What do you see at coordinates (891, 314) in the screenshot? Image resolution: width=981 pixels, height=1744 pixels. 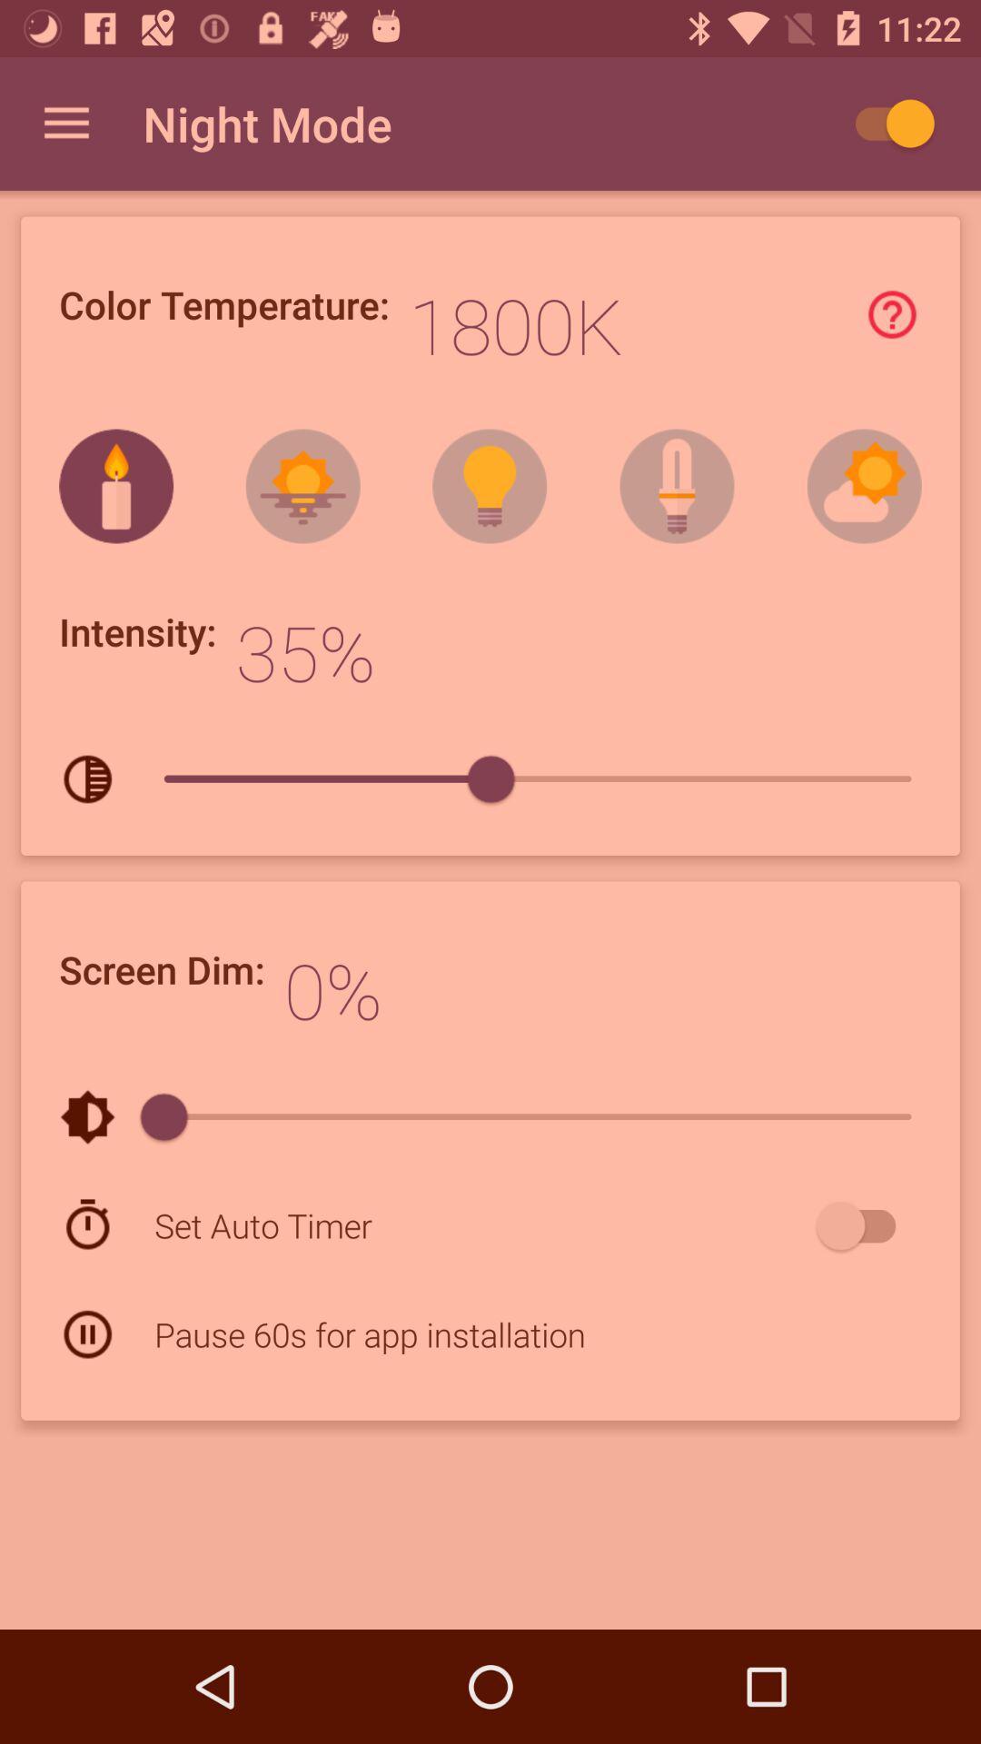 I see `find out more information` at bounding box center [891, 314].